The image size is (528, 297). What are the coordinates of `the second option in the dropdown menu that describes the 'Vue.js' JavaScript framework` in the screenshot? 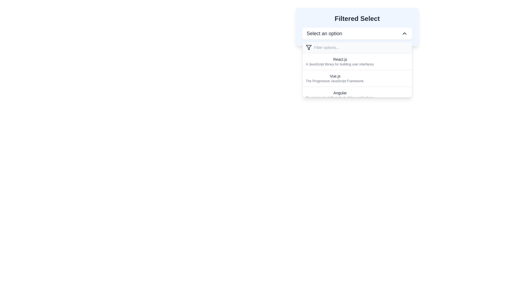 It's located at (357, 75).